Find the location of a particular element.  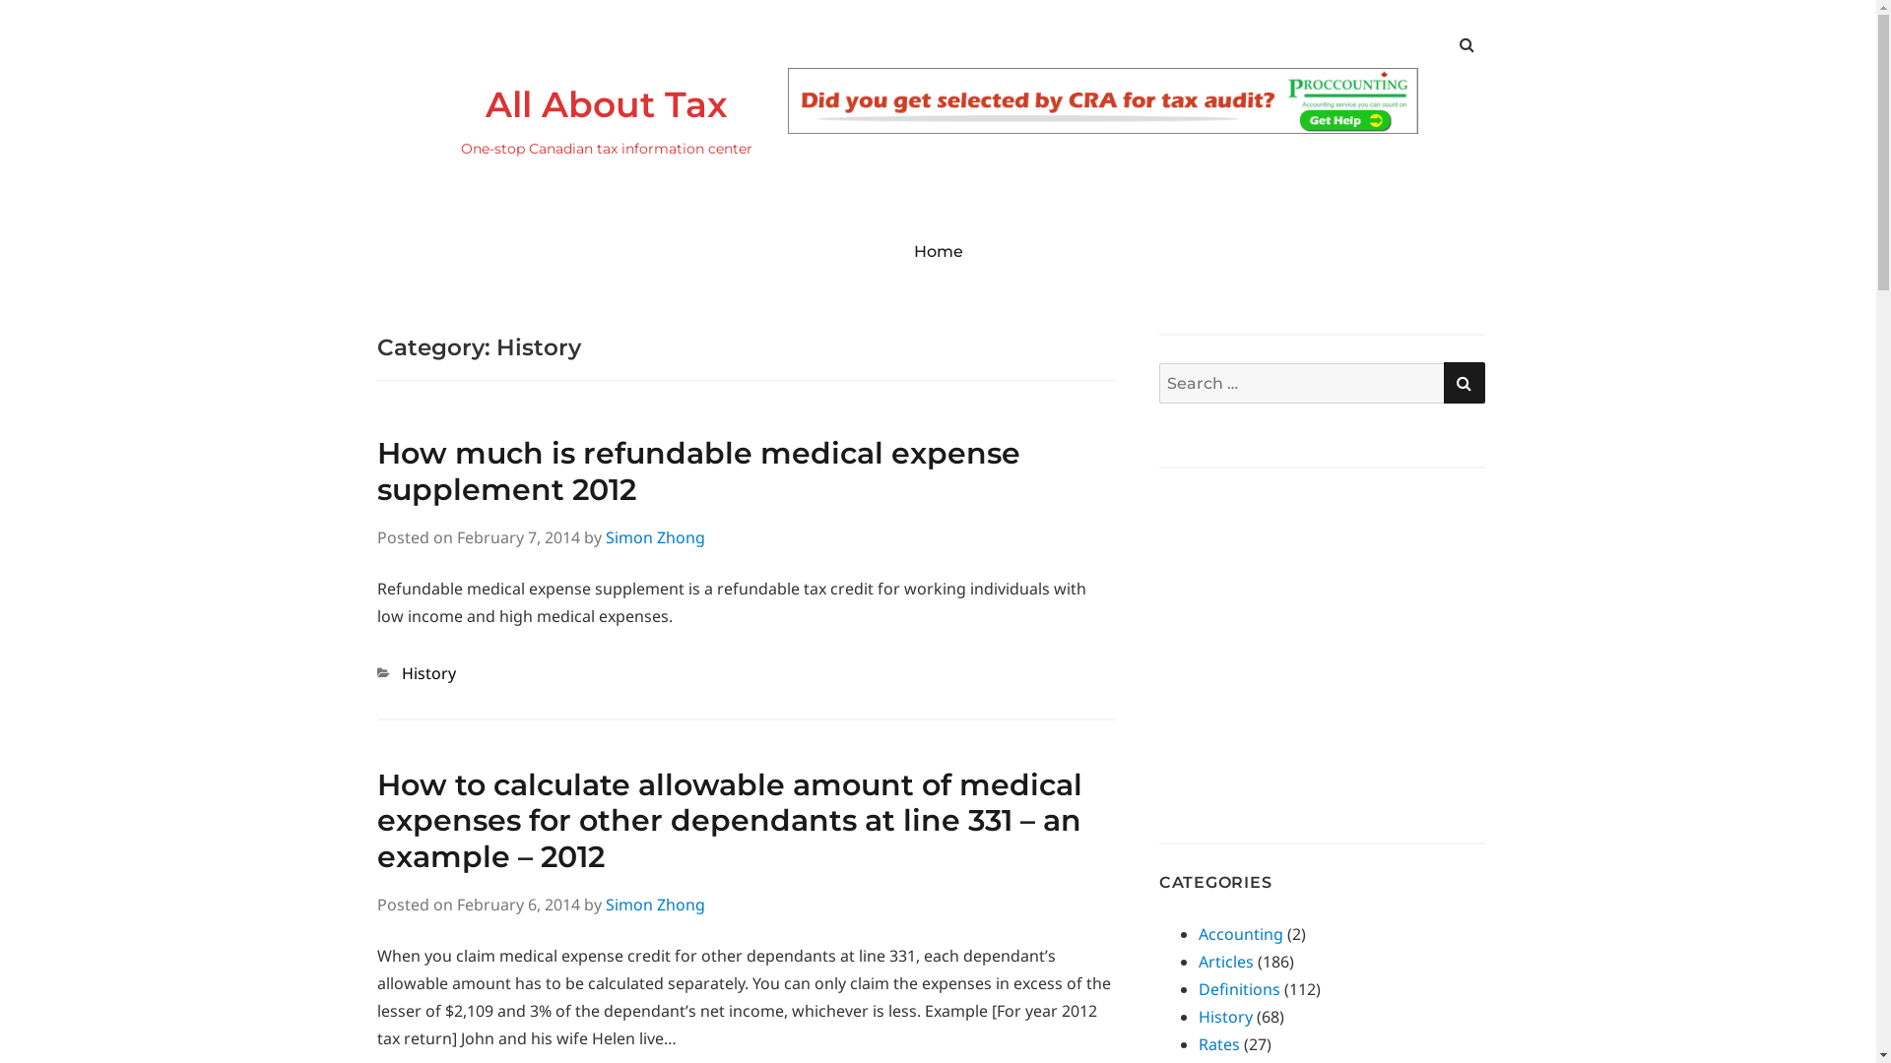

'SEARCH' is located at coordinates (1465, 383).